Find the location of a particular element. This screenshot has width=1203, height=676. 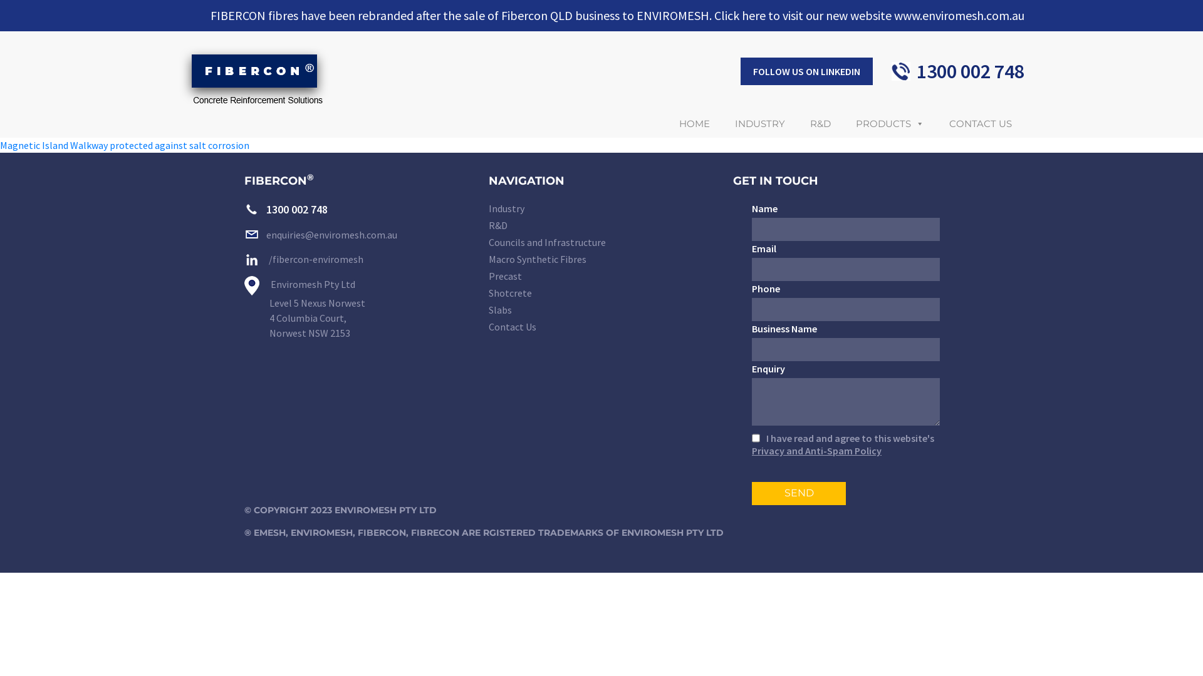

'CONTACT US' is located at coordinates (979, 123).